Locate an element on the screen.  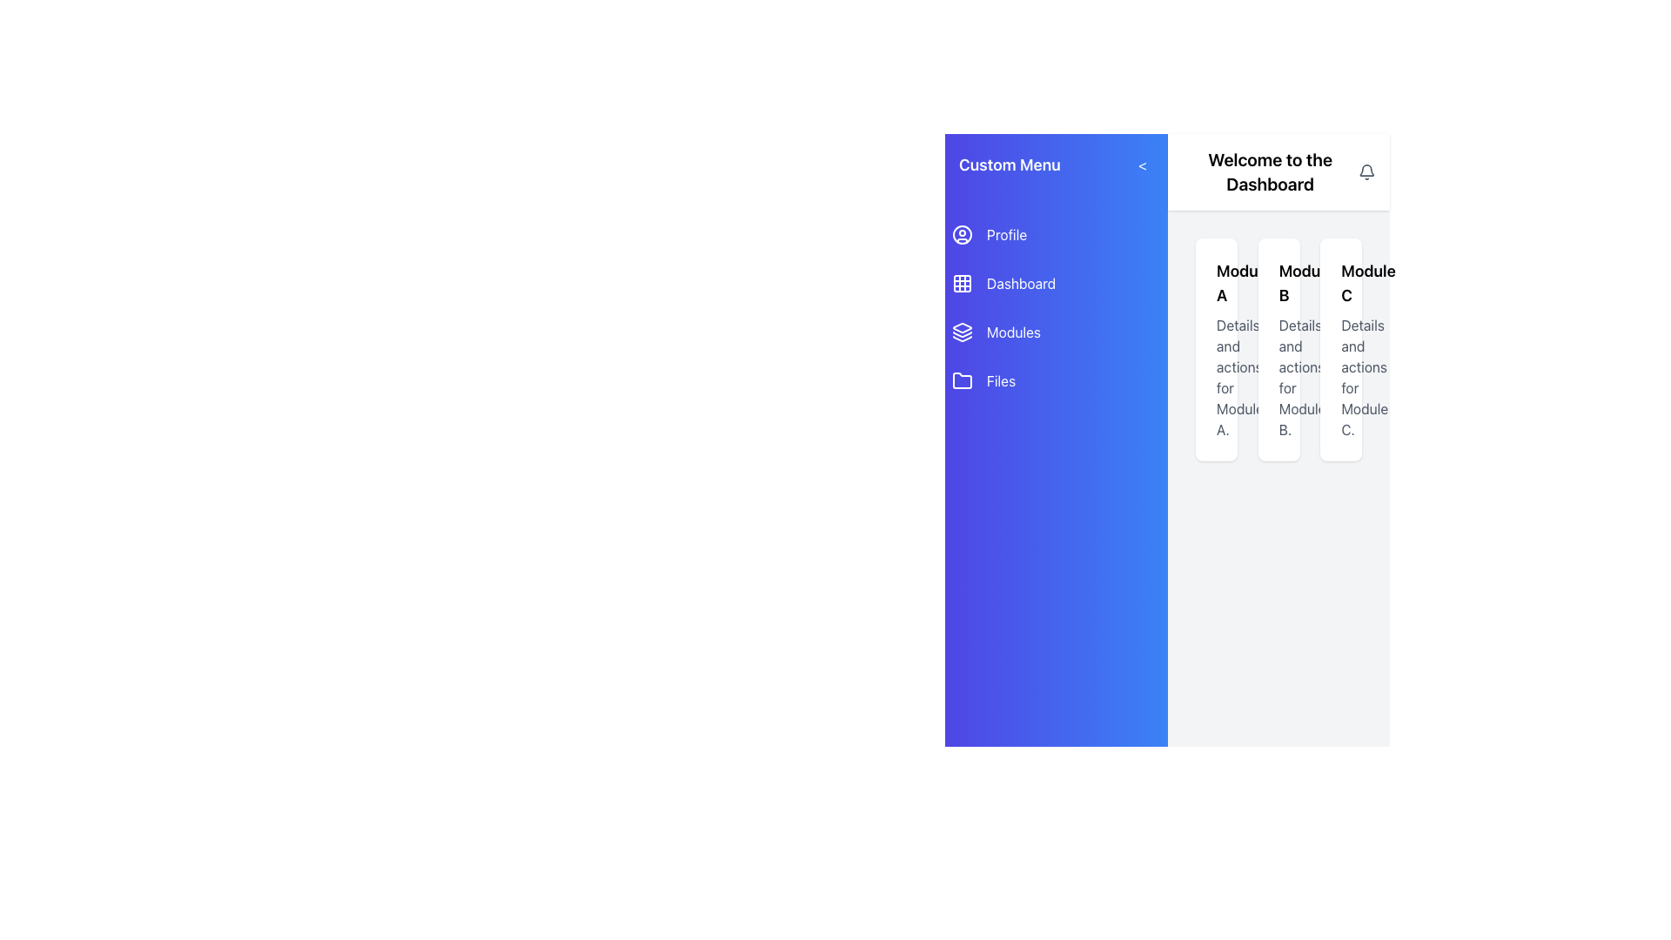
the main structure of the notification bell icon located in the top-right corner of the dashboard, adjacent to the 'Welcome to the Dashboard' title is located at coordinates (1366, 170).